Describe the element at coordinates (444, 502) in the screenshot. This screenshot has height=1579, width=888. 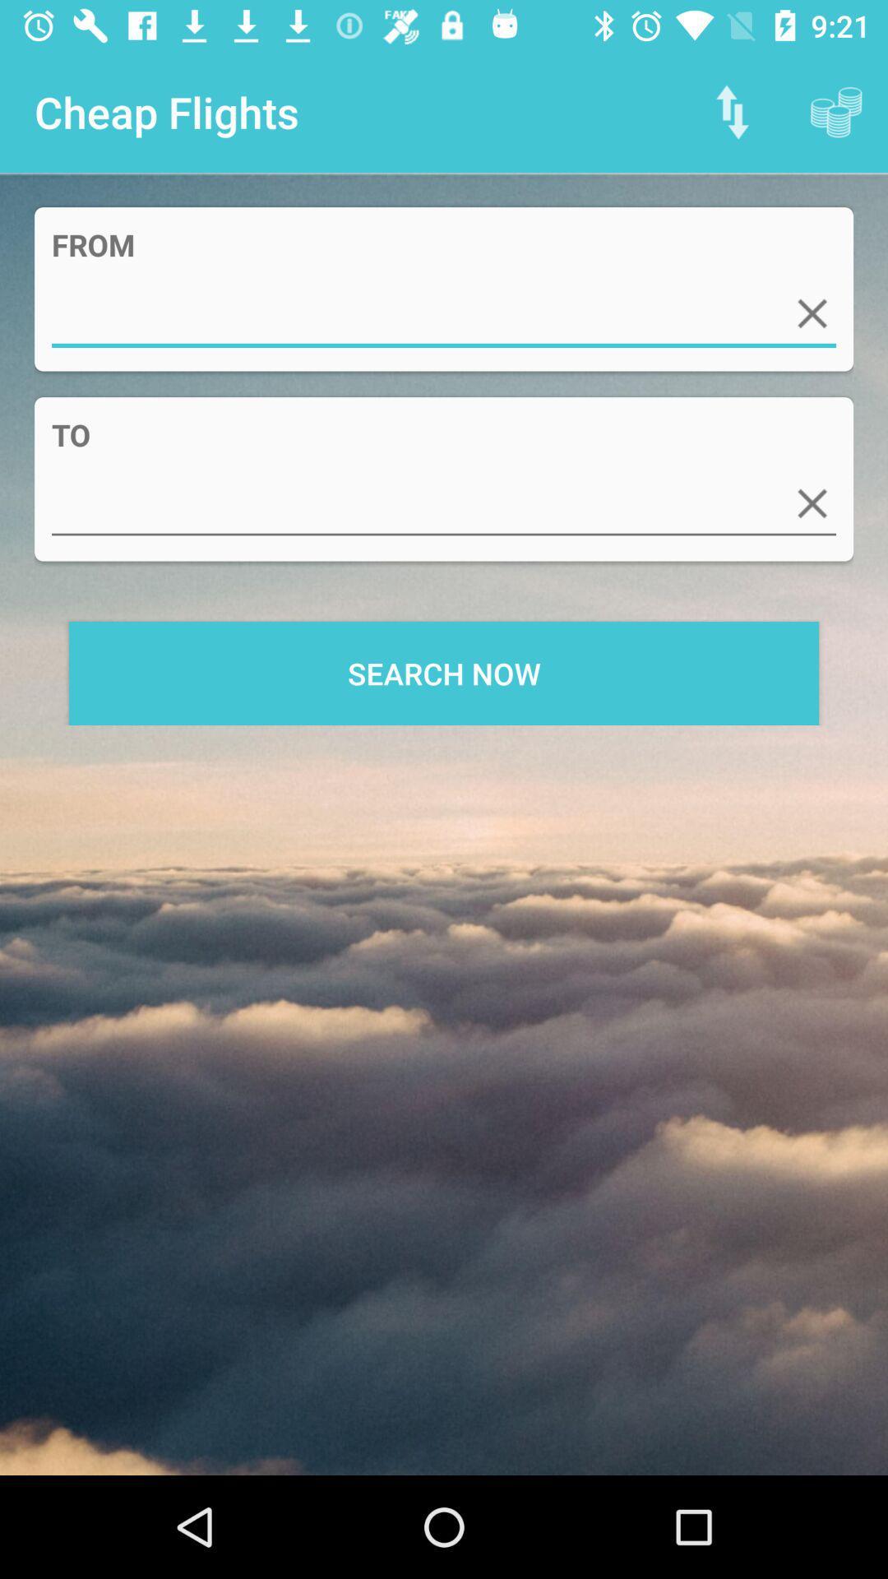
I see `item below to` at that location.